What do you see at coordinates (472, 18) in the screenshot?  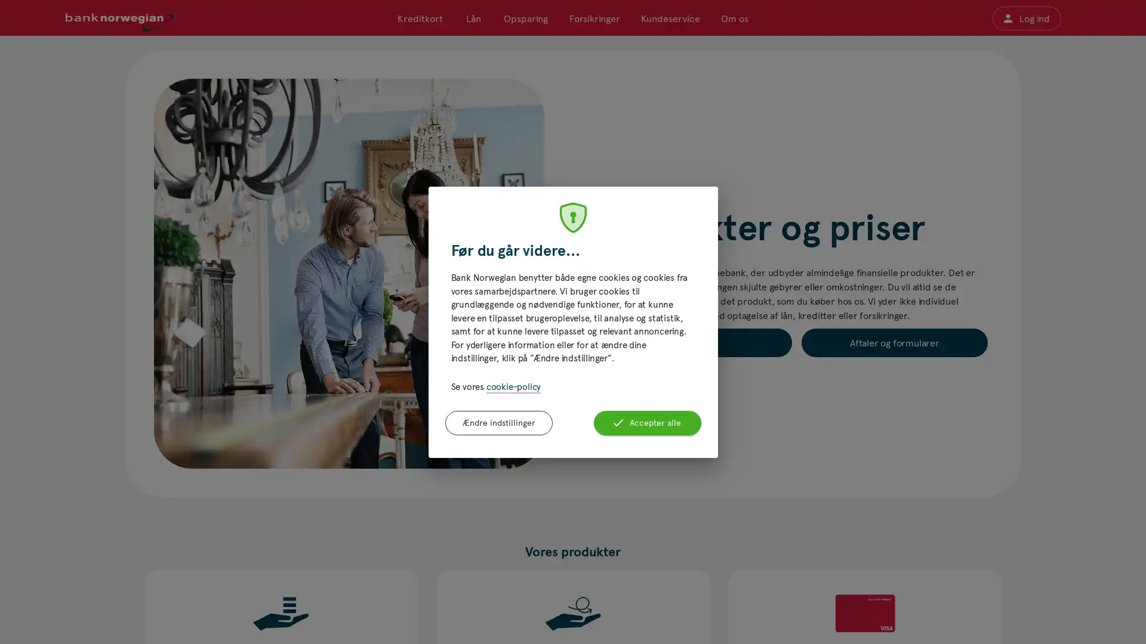 I see `Lan` at bounding box center [472, 18].